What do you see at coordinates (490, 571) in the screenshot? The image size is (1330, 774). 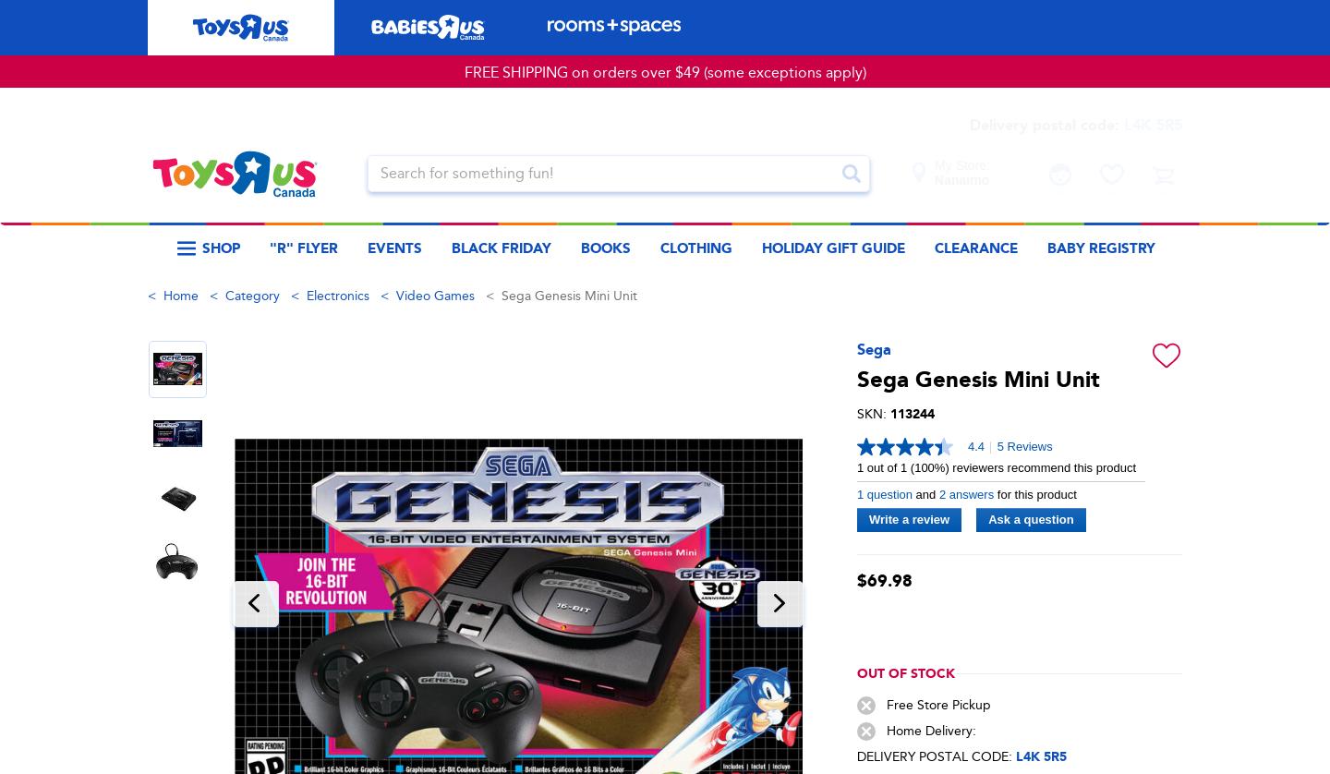 I see `'I am age 17 or older'` at bounding box center [490, 571].